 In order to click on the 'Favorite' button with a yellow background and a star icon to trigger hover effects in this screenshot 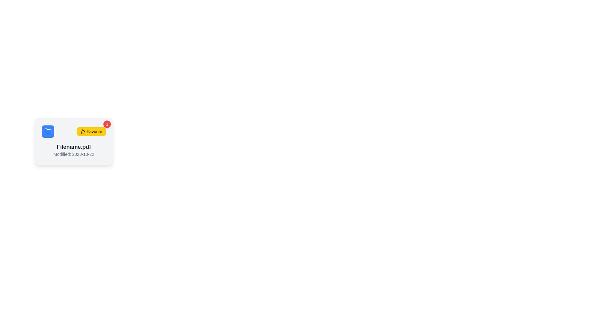, I will do `click(91, 131)`.